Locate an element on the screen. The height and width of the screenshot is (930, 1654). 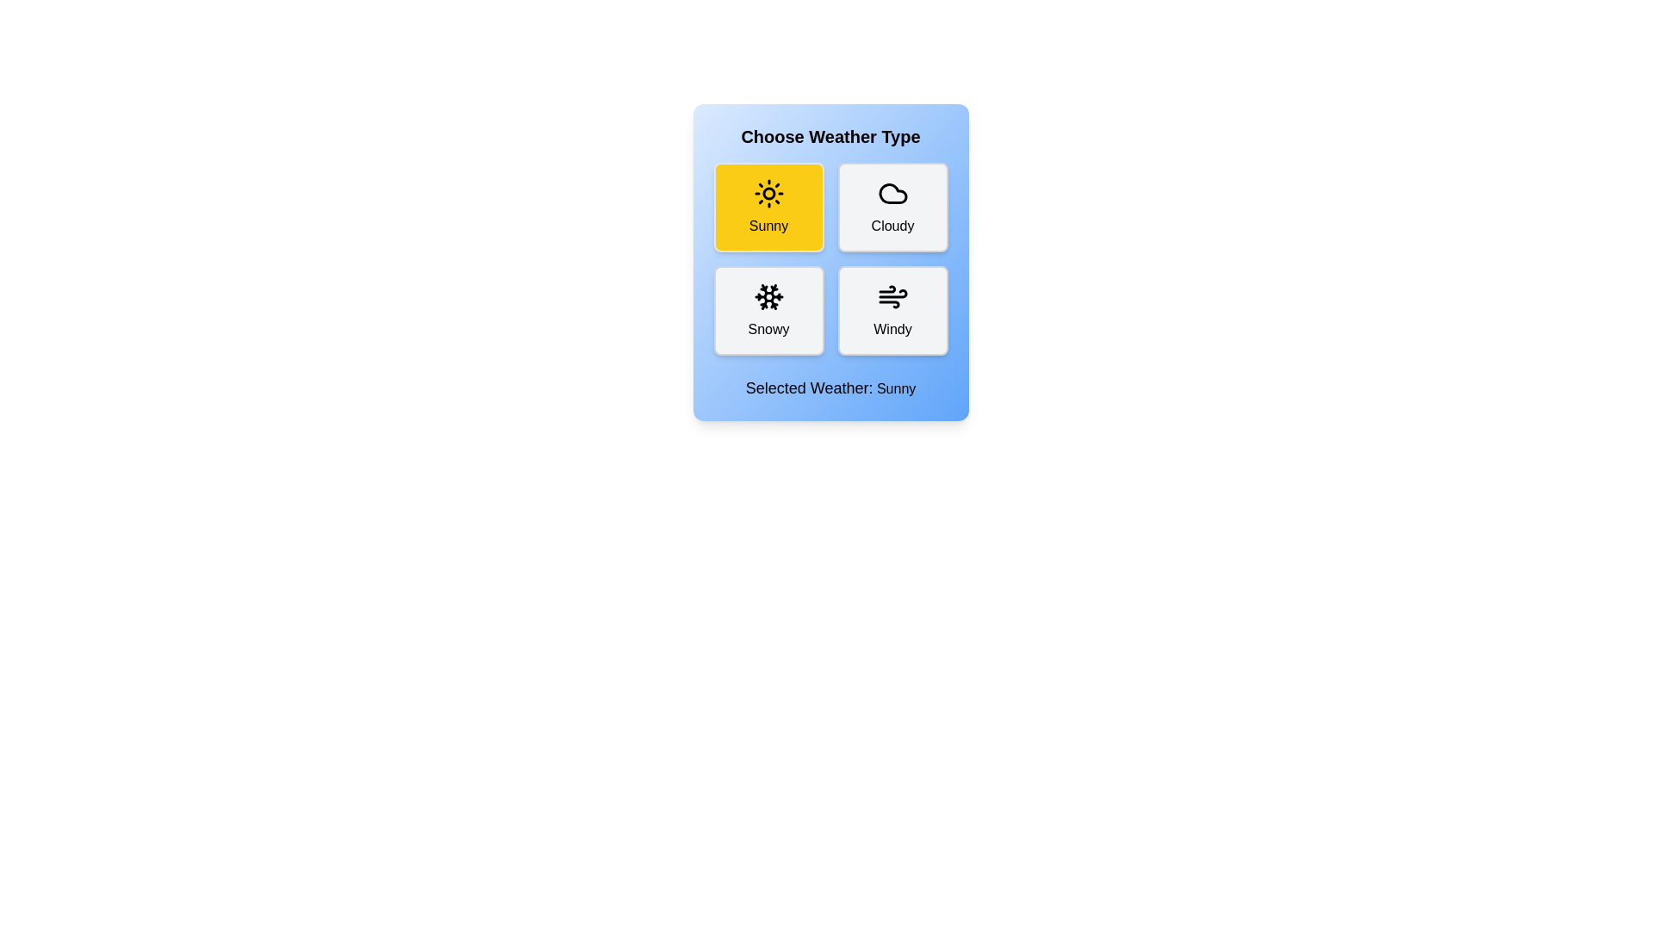
the button corresponding to the weather option Sunny is located at coordinates (768, 206).